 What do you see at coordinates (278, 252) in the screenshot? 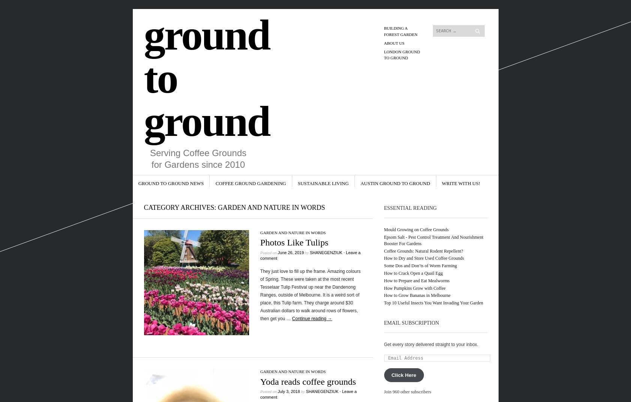
I see `'June 26, 2019'` at bounding box center [278, 252].